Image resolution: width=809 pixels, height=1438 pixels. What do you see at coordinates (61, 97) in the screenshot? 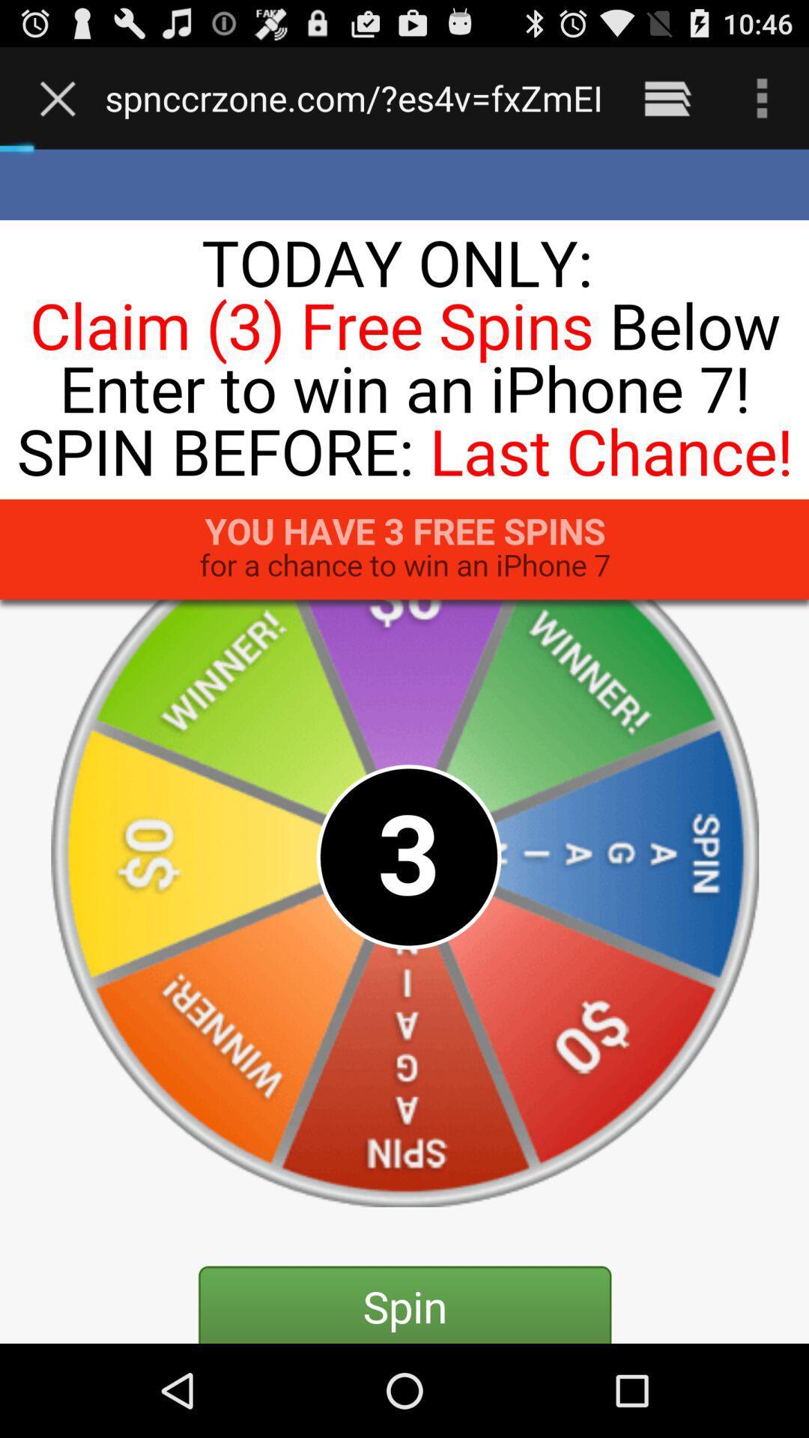
I see `icon to the left of the www electronicproductzone com icon` at bounding box center [61, 97].